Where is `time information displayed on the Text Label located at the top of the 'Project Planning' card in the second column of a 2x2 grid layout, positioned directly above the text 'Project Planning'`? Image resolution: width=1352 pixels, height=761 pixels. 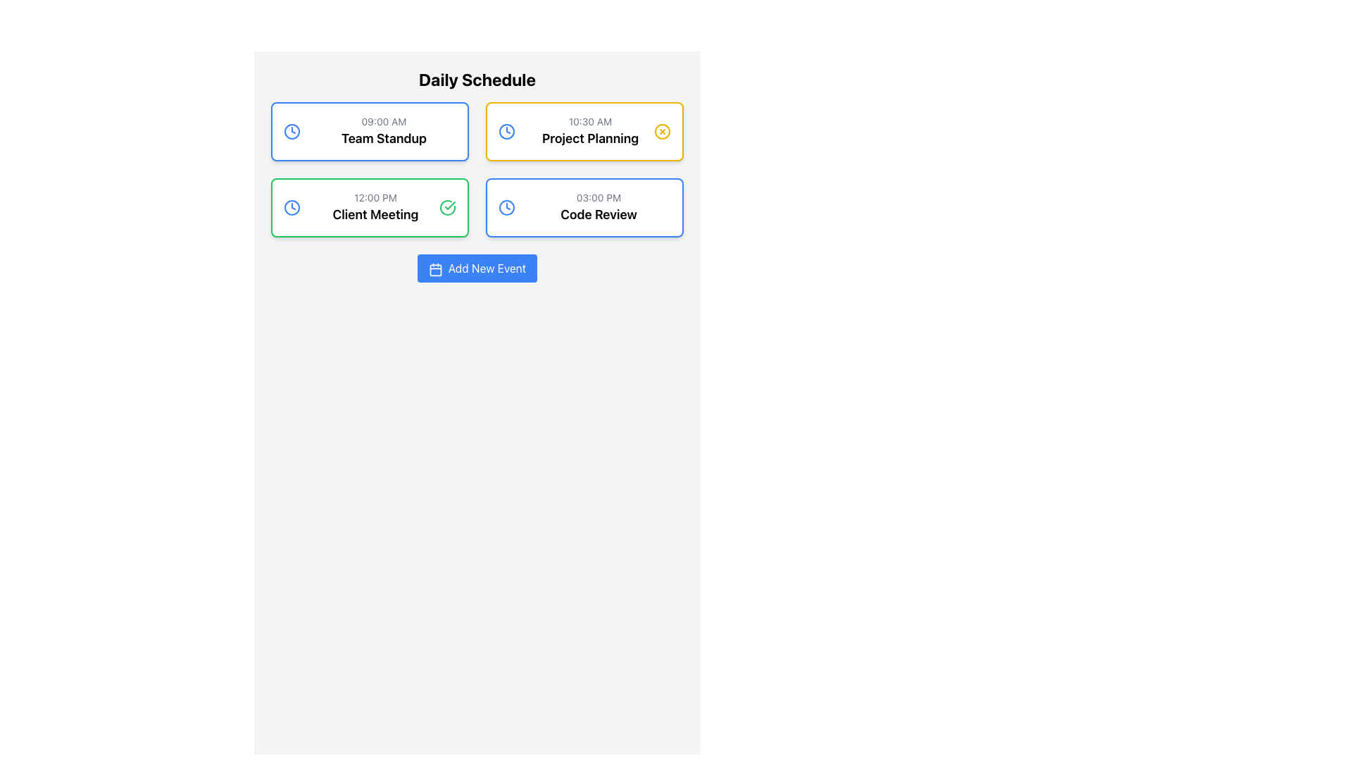
time information displayed on the Text Label located at the top of the 'Project Planning' card in the second column of a 2x2 grid layout, positioned directly above the text 'Project Planning' is located at coordinates (590, 121).